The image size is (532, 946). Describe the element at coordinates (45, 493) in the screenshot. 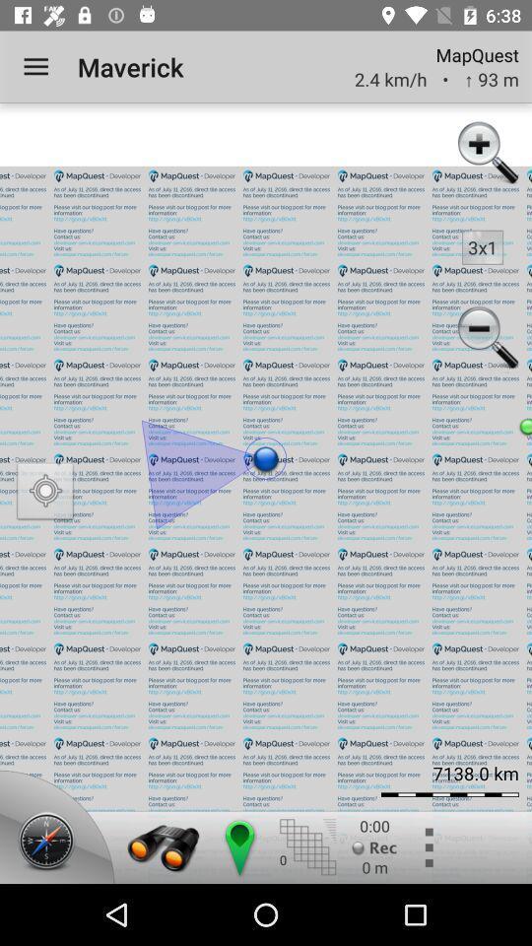

I see `find current position` at that location.